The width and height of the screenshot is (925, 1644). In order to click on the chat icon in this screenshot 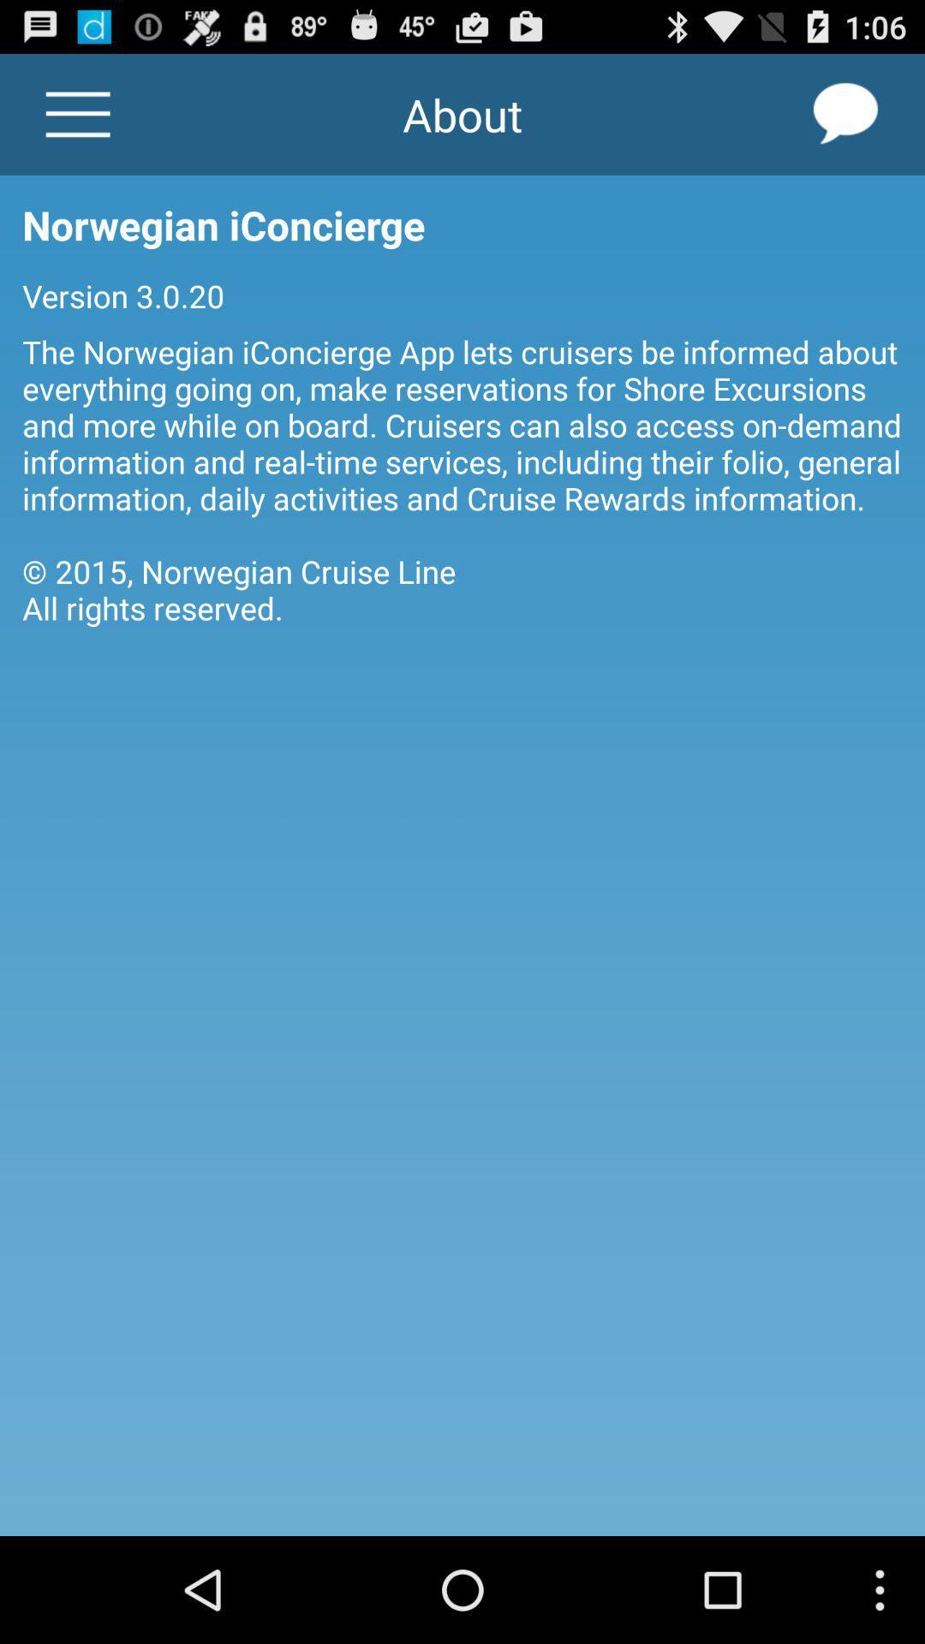, I will do `click(845, 122)`.